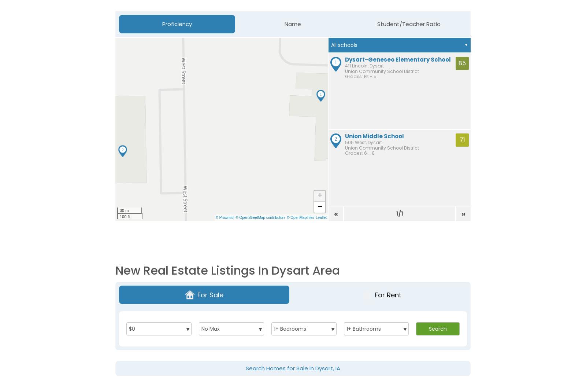  What do you see at coordinates (409, 23) in the screenshot?
I see `'Student/Teacher Ratio'` at bounding box center [409, 23].